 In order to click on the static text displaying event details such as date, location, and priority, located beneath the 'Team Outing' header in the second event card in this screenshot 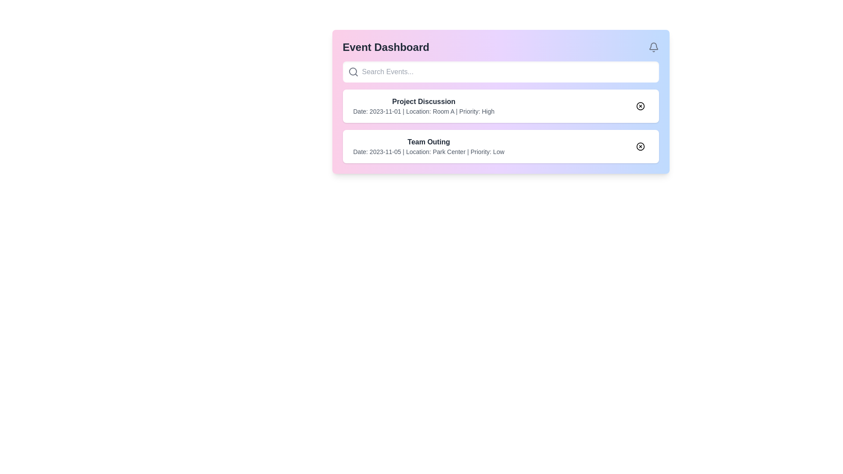, I will do `click(429, 151)`.